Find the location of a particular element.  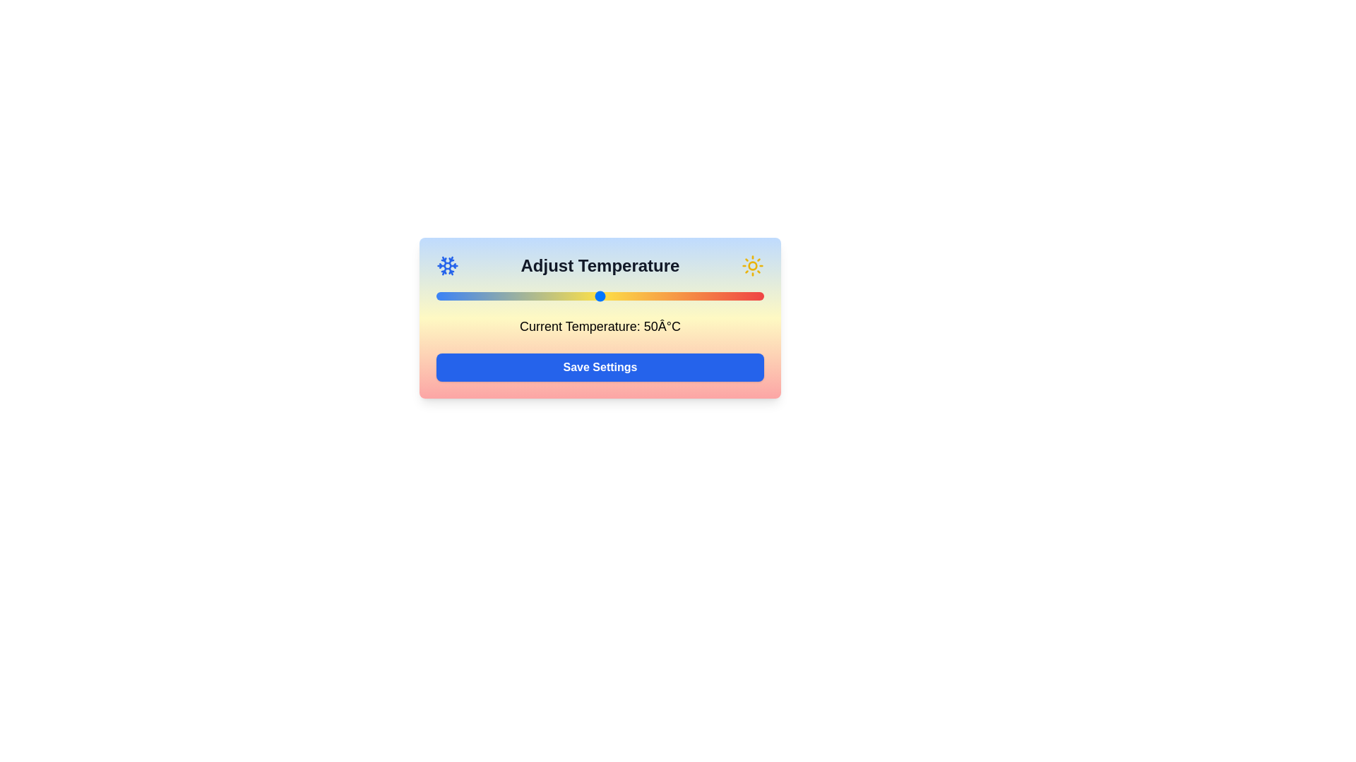

the temperature to 5°C by moving the slider is located at coordinates (453, 296).